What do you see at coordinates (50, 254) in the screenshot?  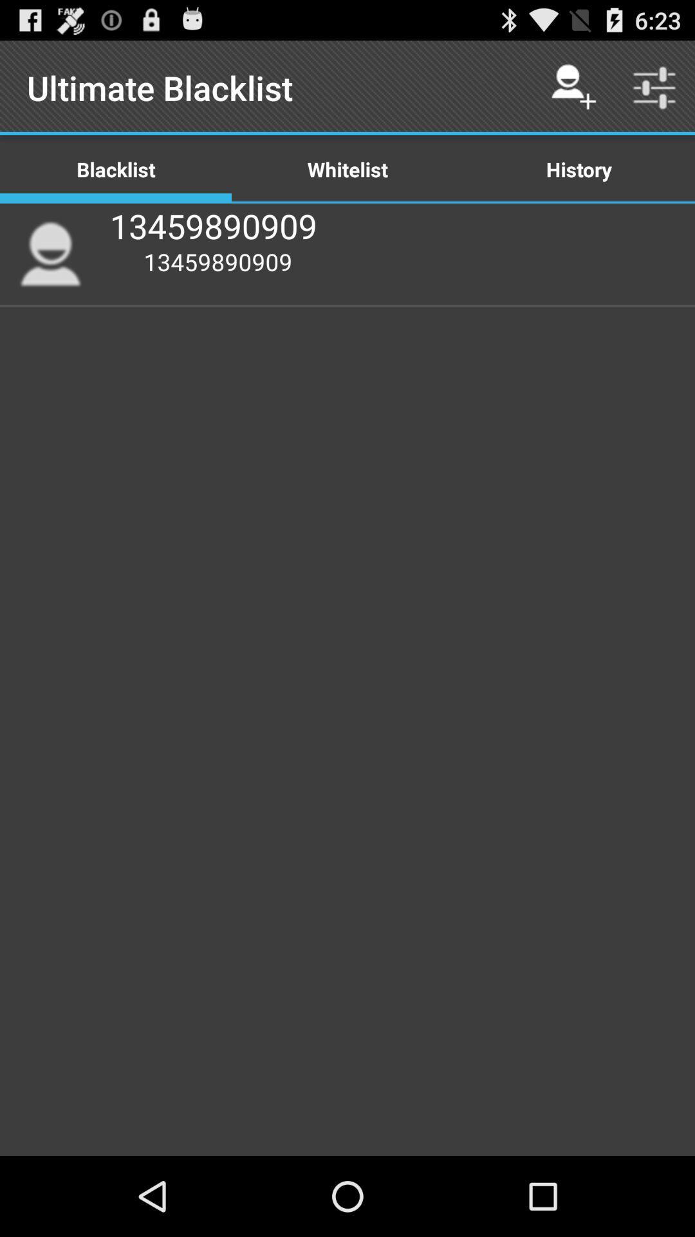 I see `the icon below blacklist icon` at bounding box center [50, 254].